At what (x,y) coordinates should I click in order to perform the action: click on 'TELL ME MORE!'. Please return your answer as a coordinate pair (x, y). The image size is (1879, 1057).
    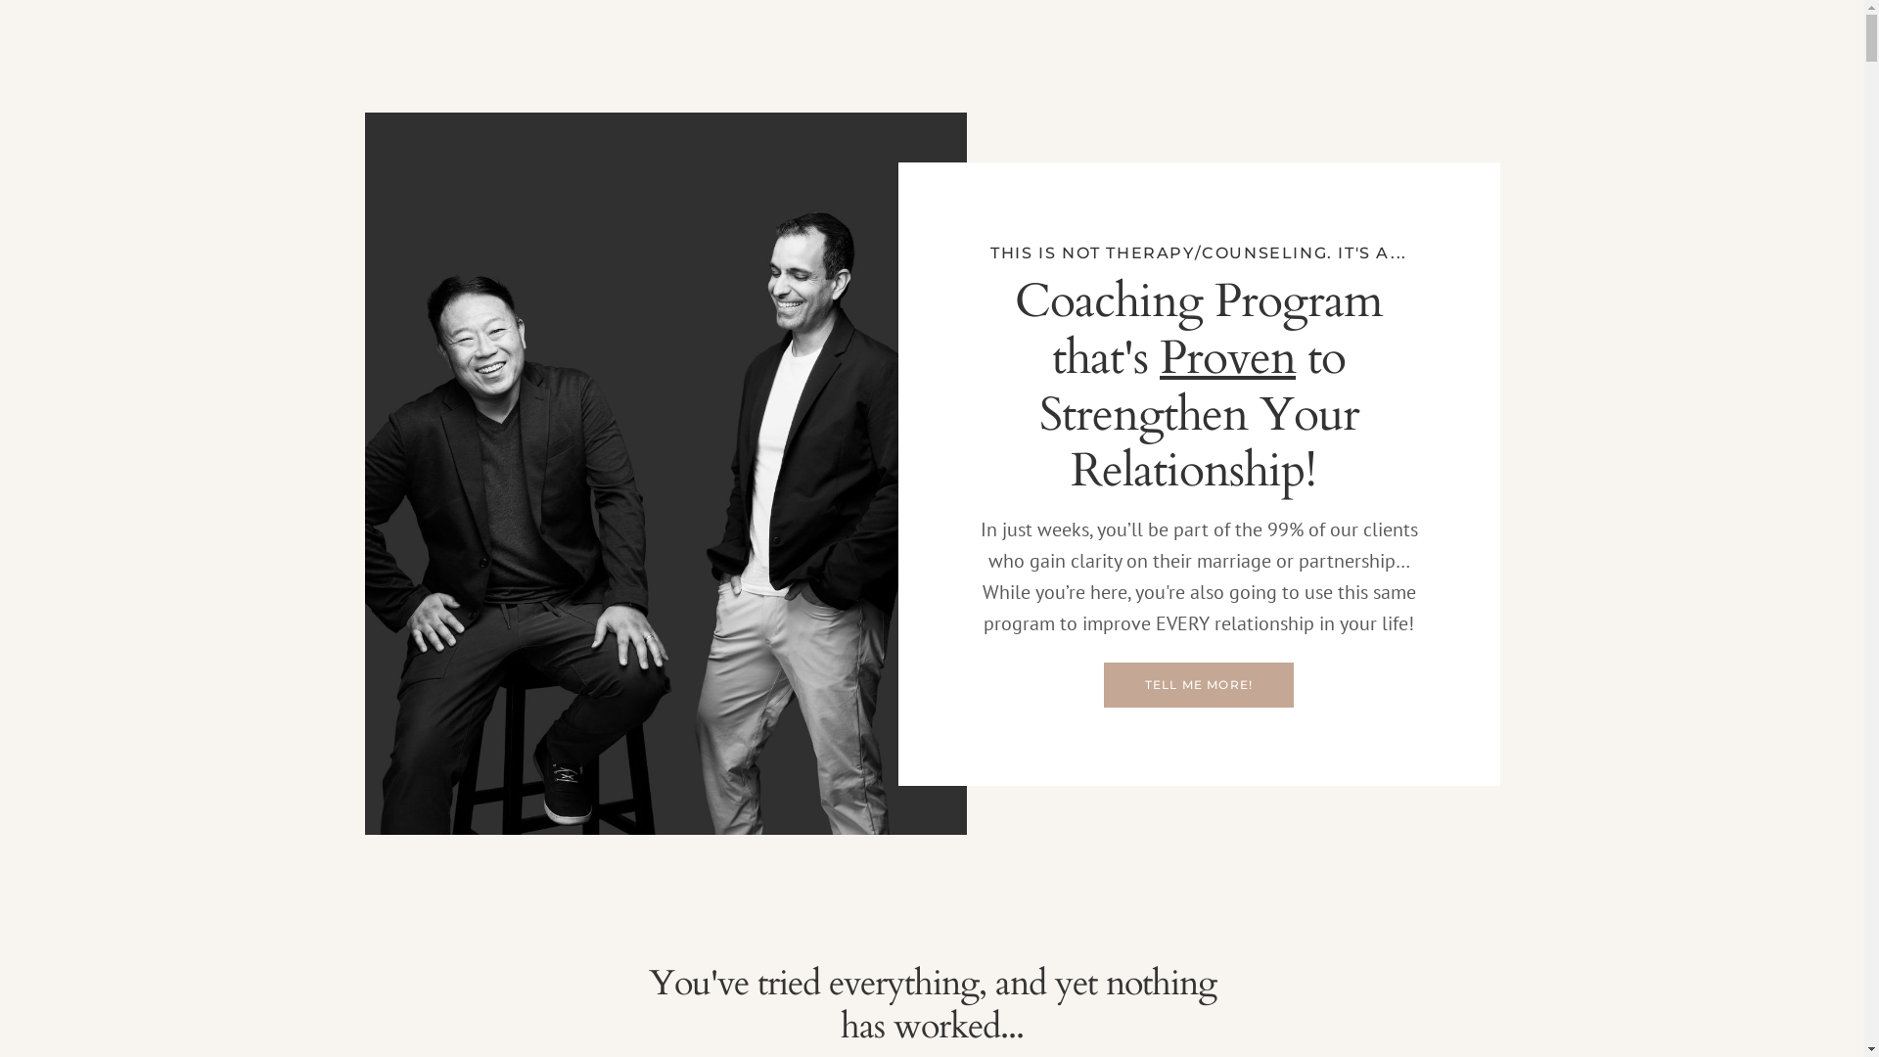
    Looking at the image, I should click on (1198, 683).